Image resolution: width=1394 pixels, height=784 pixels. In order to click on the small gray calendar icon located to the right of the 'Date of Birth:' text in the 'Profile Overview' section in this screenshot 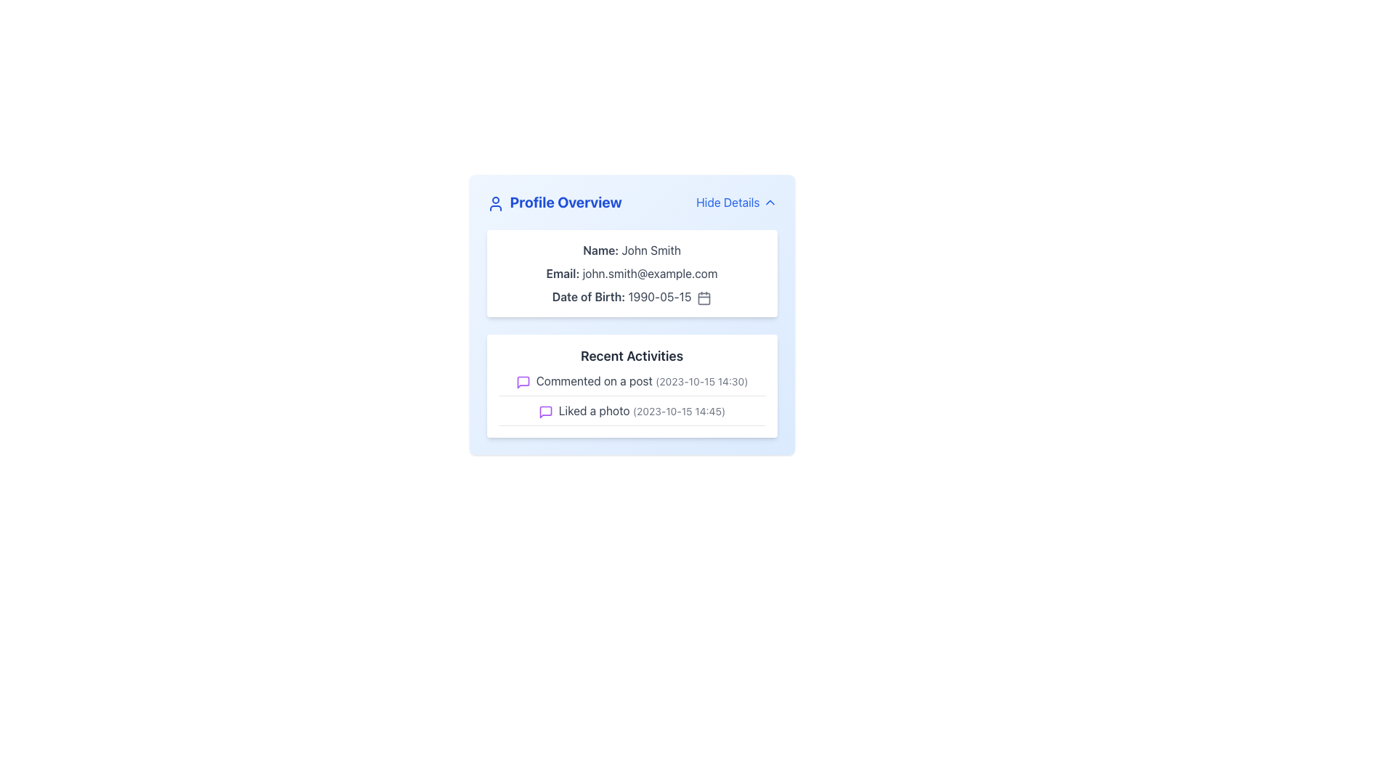, I will do `click(704, 297)`.